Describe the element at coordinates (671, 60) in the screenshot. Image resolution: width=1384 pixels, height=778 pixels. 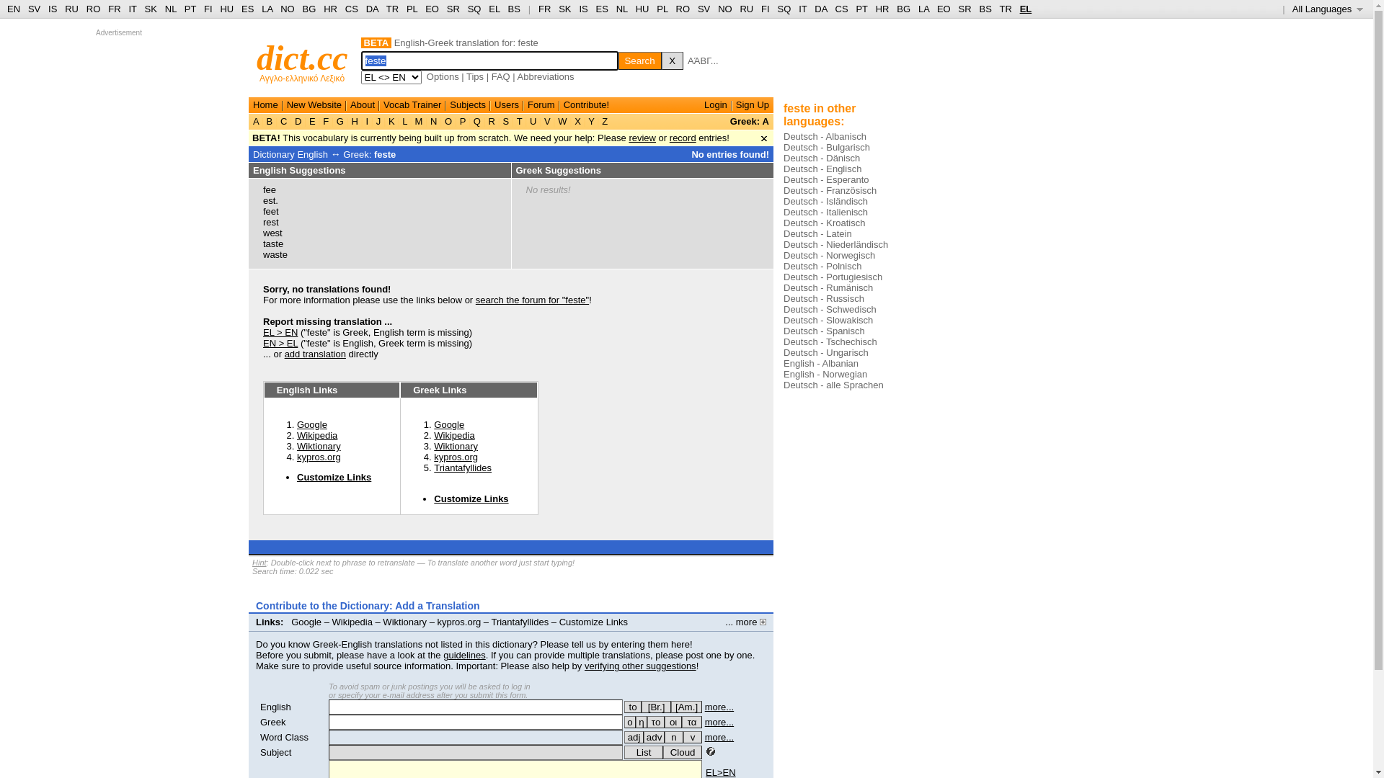
I see `'X'` at that location.